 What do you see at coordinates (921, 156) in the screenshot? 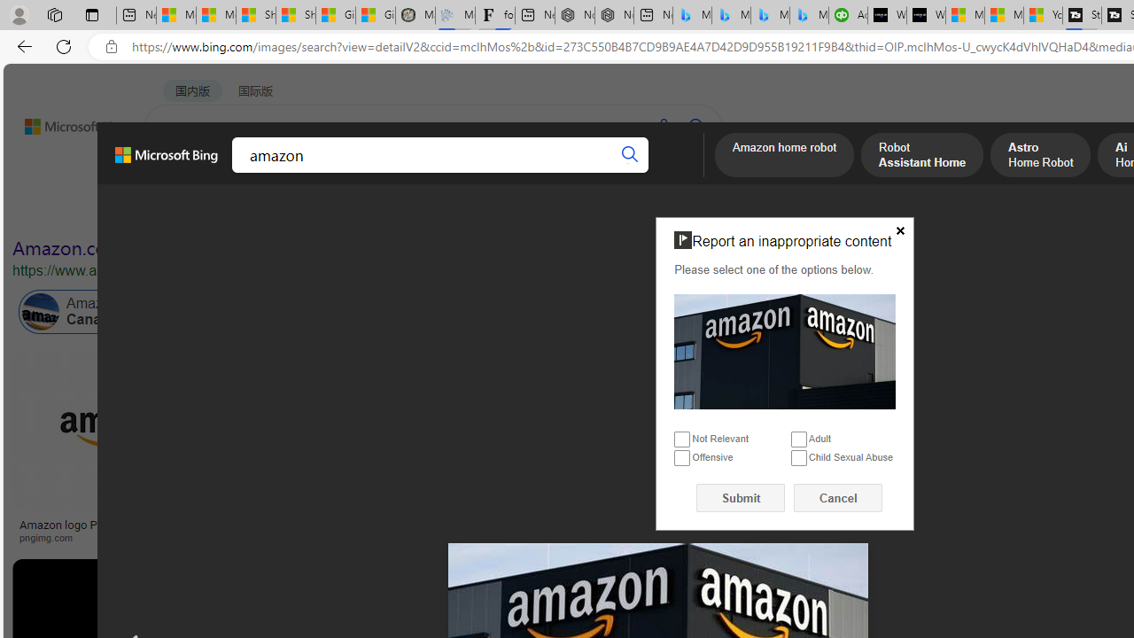
I see `'Robot Assistant Home'` at bounding box center [921, 156].